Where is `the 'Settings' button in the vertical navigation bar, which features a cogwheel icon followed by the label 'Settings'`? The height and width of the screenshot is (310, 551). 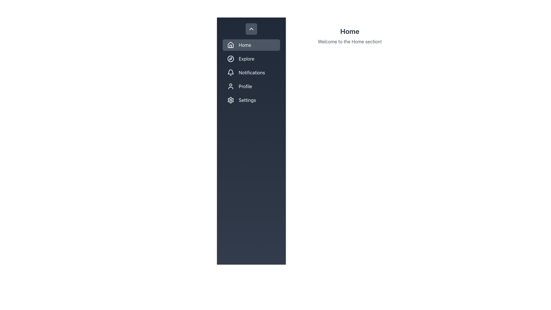
the 'Settings' button in the vertical navigation bar, which features a cogwheel icon followed by the label 'Settings' is located at coordinates (251, 100).